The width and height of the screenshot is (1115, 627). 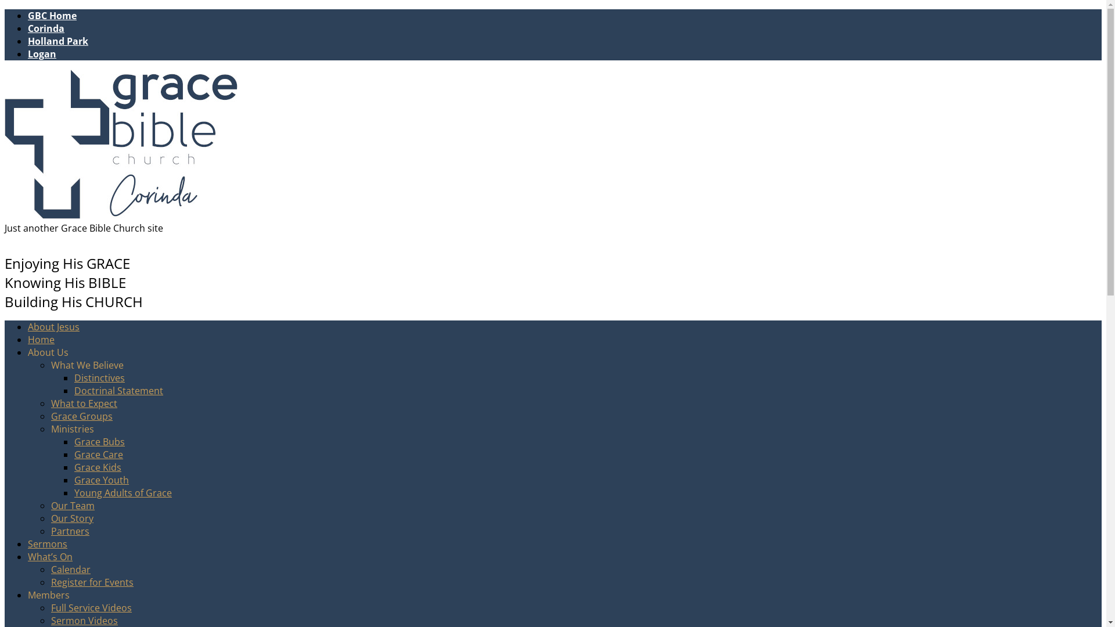 I want to click on 'Members', so click(x=28, y=595).